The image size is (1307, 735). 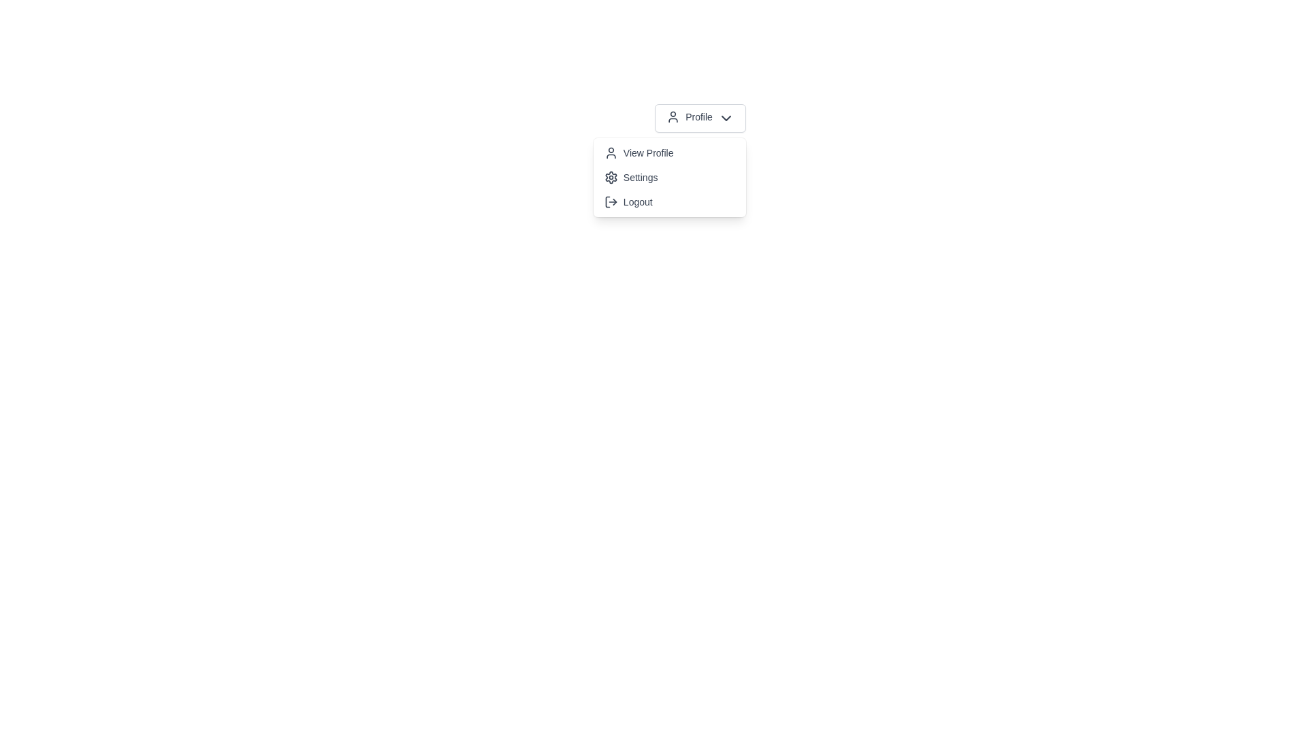 I want to click on the user profile icon located to the left of the 'View Profile' text in the dropdown menu under the 'Profile' menu button, so click(x=610, y=152).